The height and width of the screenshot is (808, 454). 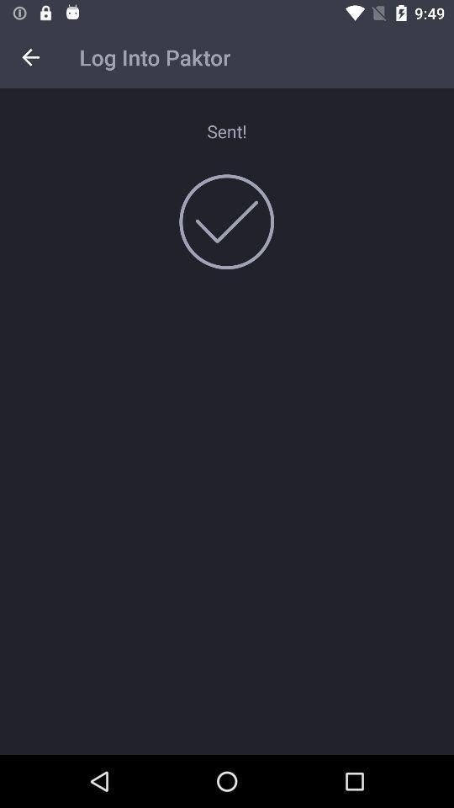 I want to click on item to the left of log into paktor item, so click(x=30, y=57).